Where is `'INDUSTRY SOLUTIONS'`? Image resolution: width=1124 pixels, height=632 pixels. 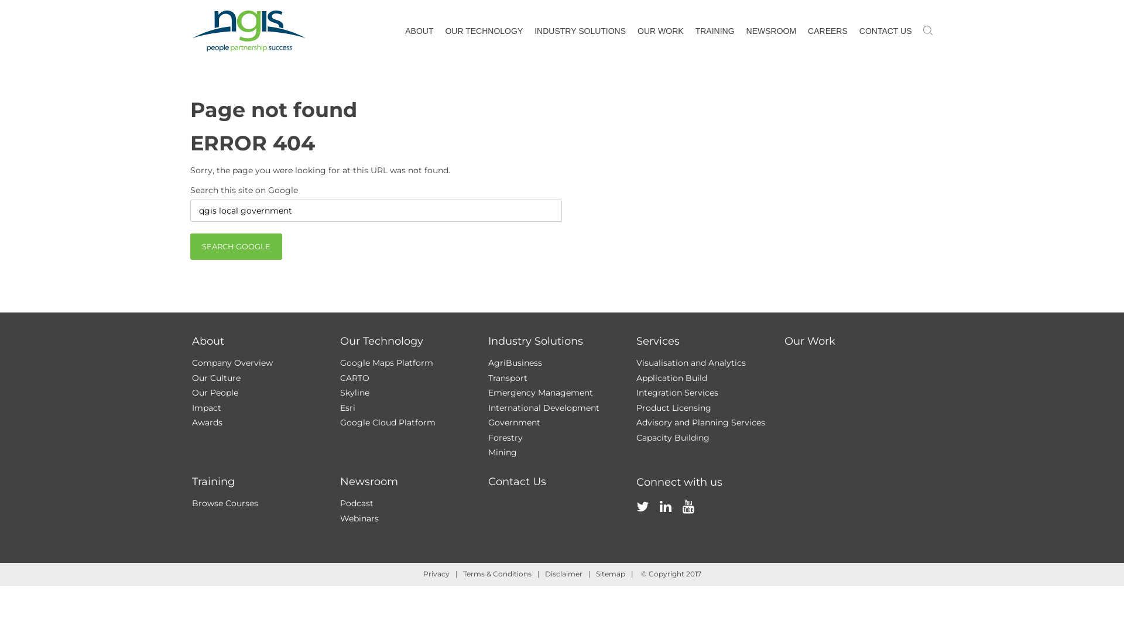 'INDUSTRY SOLUTIONS' is located at coordinates (580, 30).